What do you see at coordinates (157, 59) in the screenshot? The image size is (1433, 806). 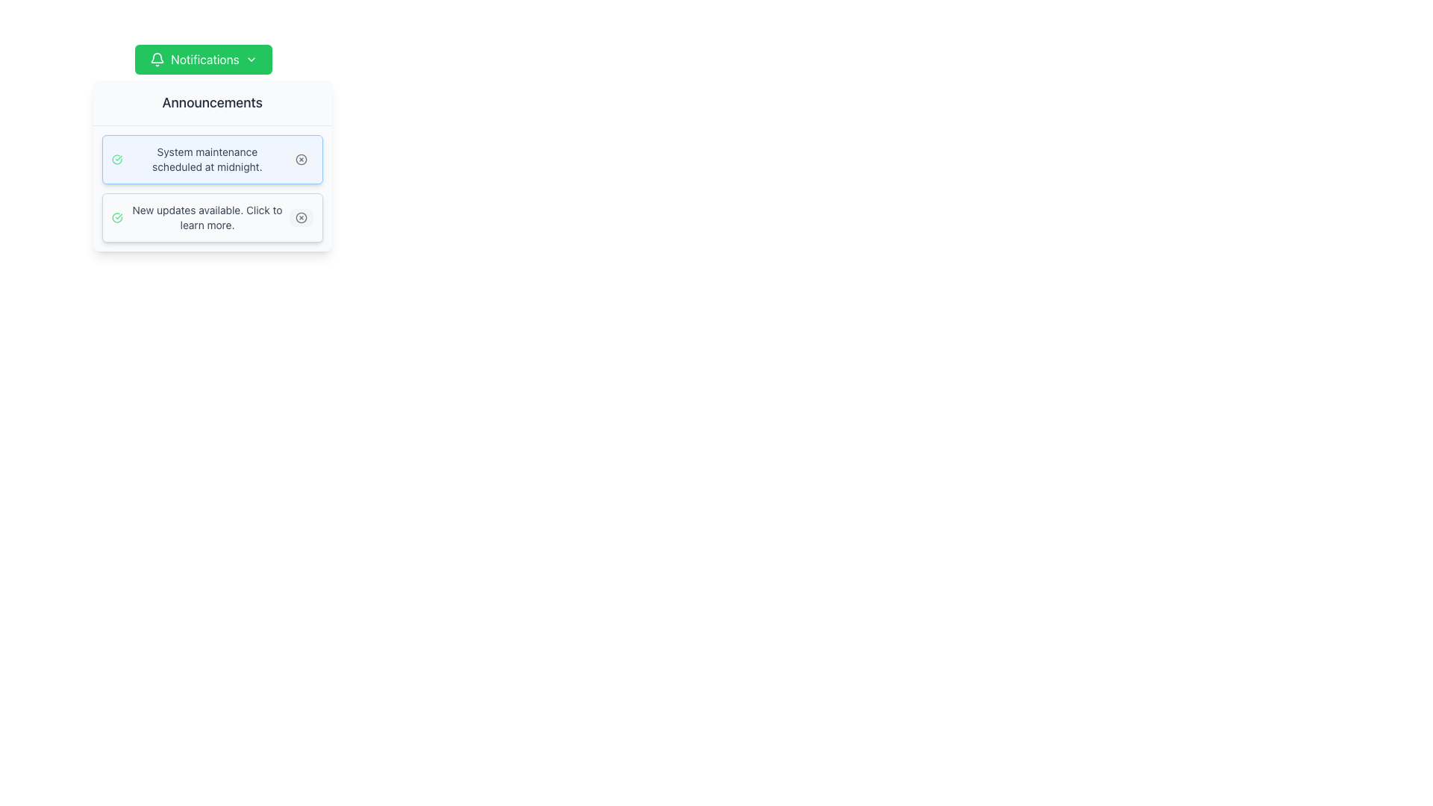 I see `the bell-shaped notification icon with a green background and white outline, located to the left of the 'Notifications' label` at bounding box center [157, 59].